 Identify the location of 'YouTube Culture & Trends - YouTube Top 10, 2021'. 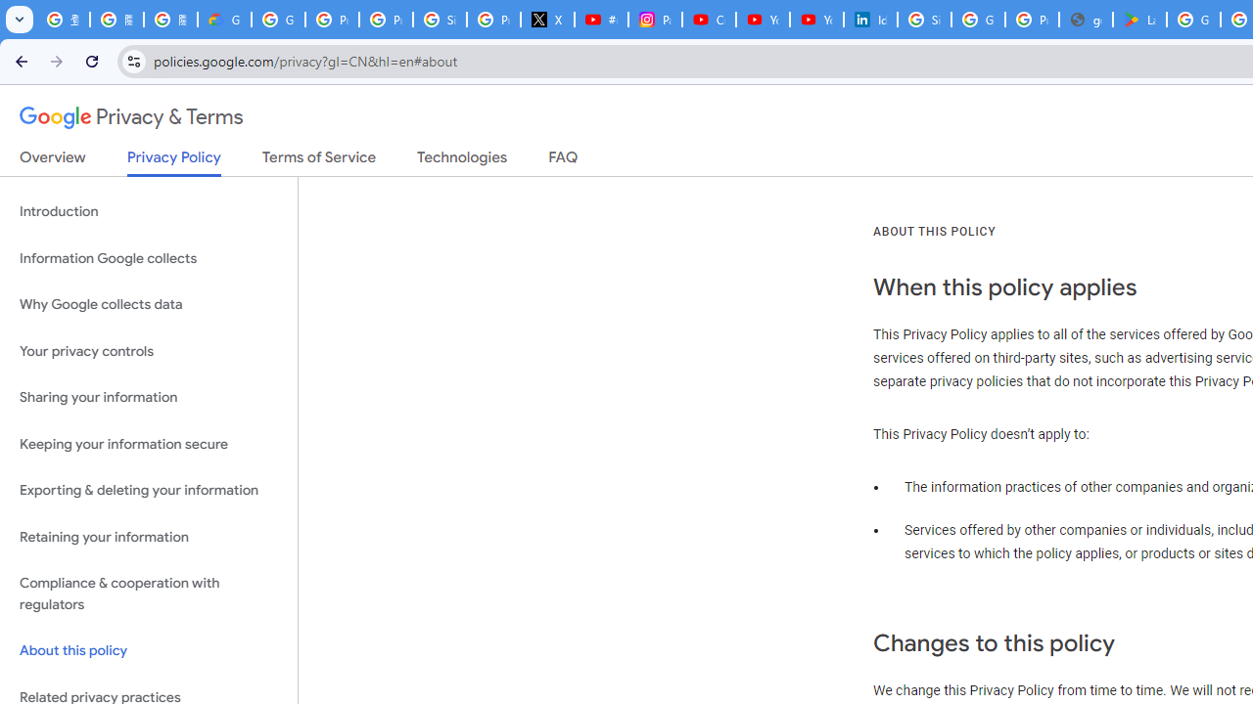
(815, 20).